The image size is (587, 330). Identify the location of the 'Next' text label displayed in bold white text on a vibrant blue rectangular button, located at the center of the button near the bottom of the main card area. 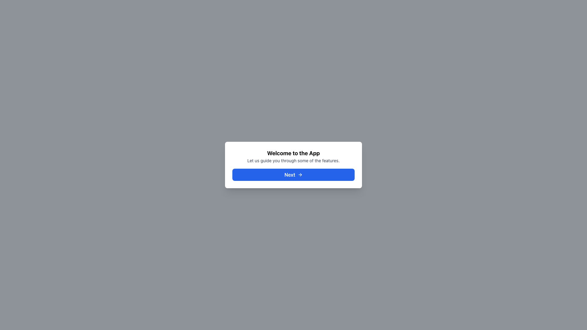
(290, 174).